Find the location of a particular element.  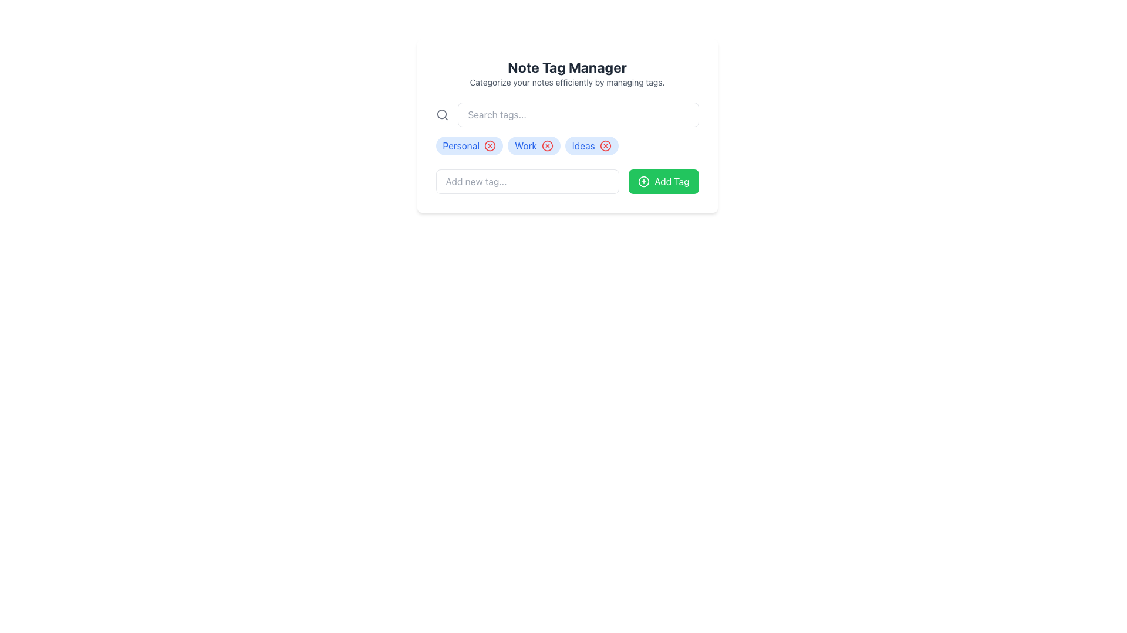

the search box within the Combined element consisting of a search box and removable tag badges to place the cursor for tag searching is located at coordinates (567, 128).